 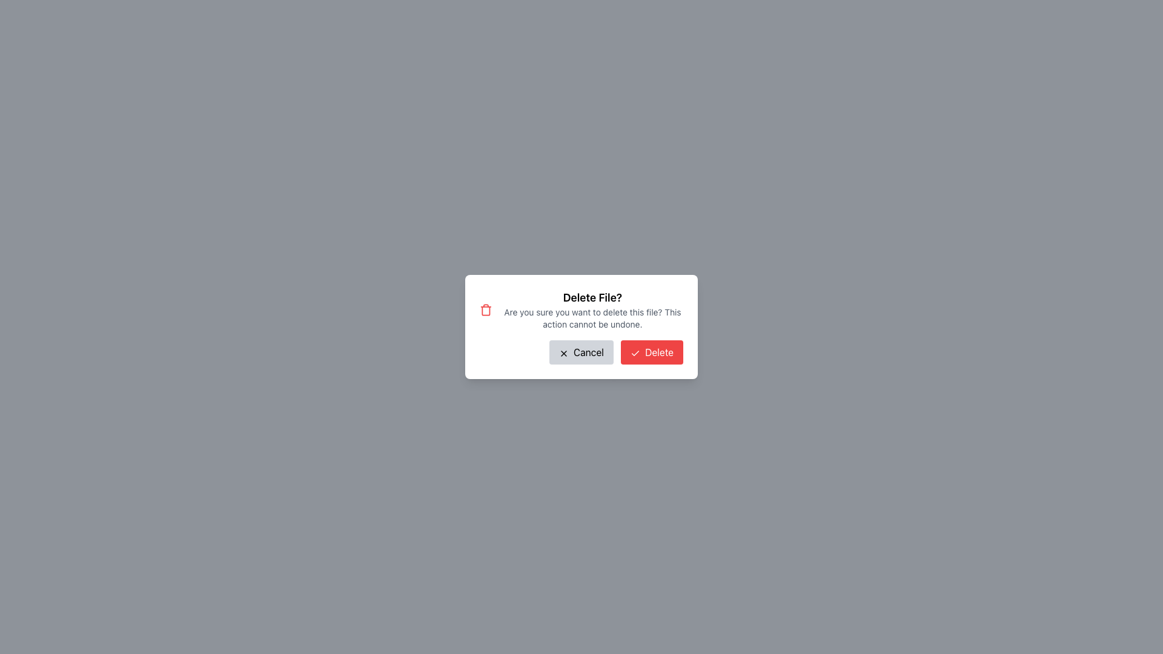 I want to click on the red trash can icon located at the top-left corner of the modal dialog, next to the text 'Delete File?', so click(x=486, y=310).